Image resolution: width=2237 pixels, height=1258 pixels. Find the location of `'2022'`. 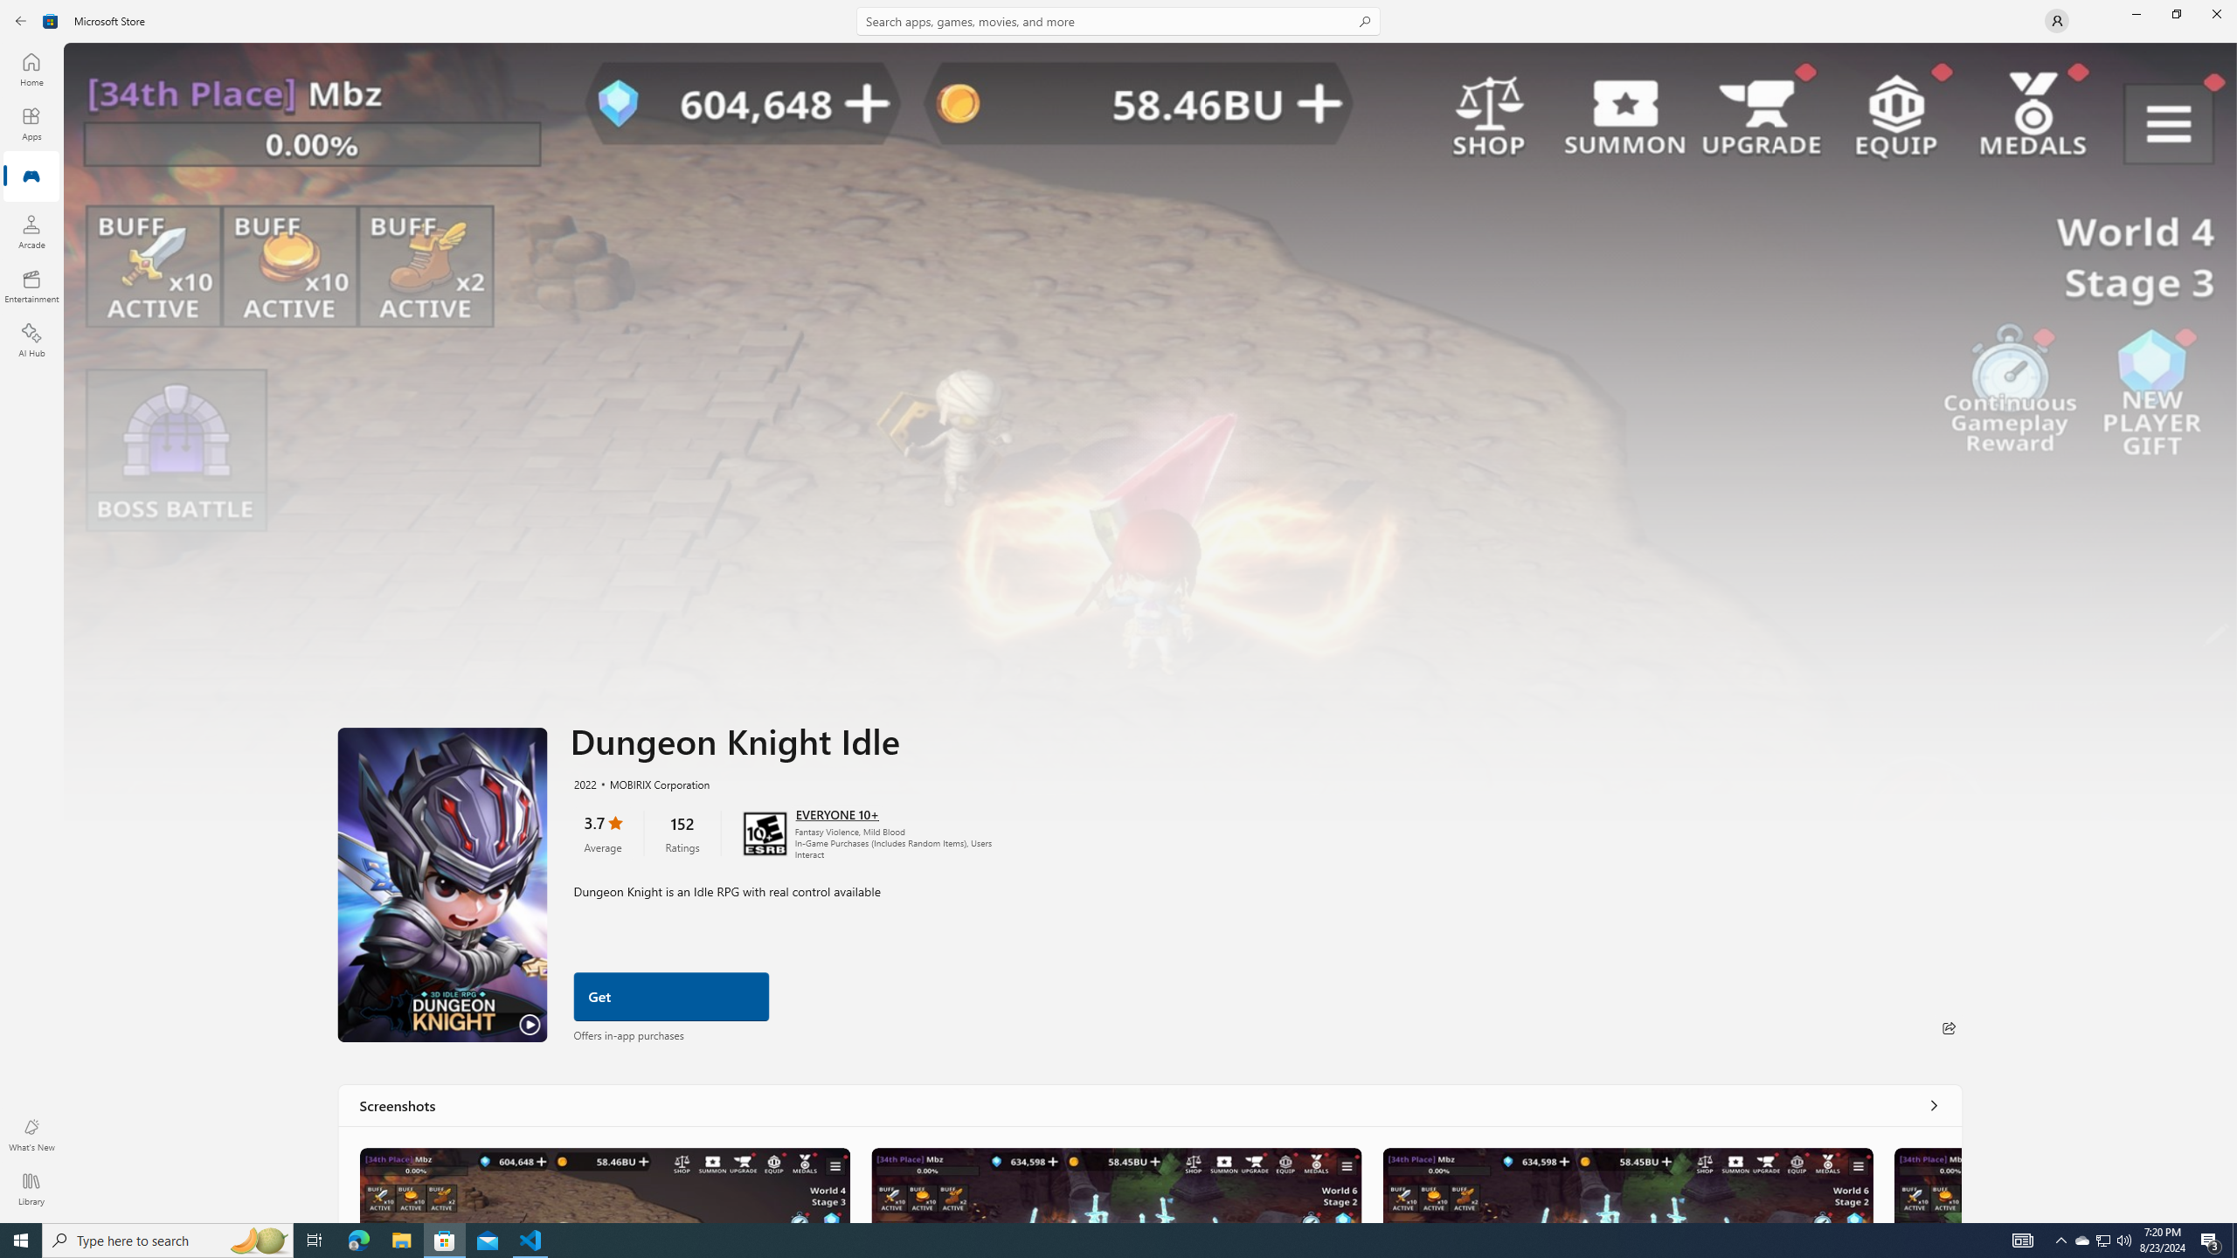

'2022' is located at coordinates (584, 783).